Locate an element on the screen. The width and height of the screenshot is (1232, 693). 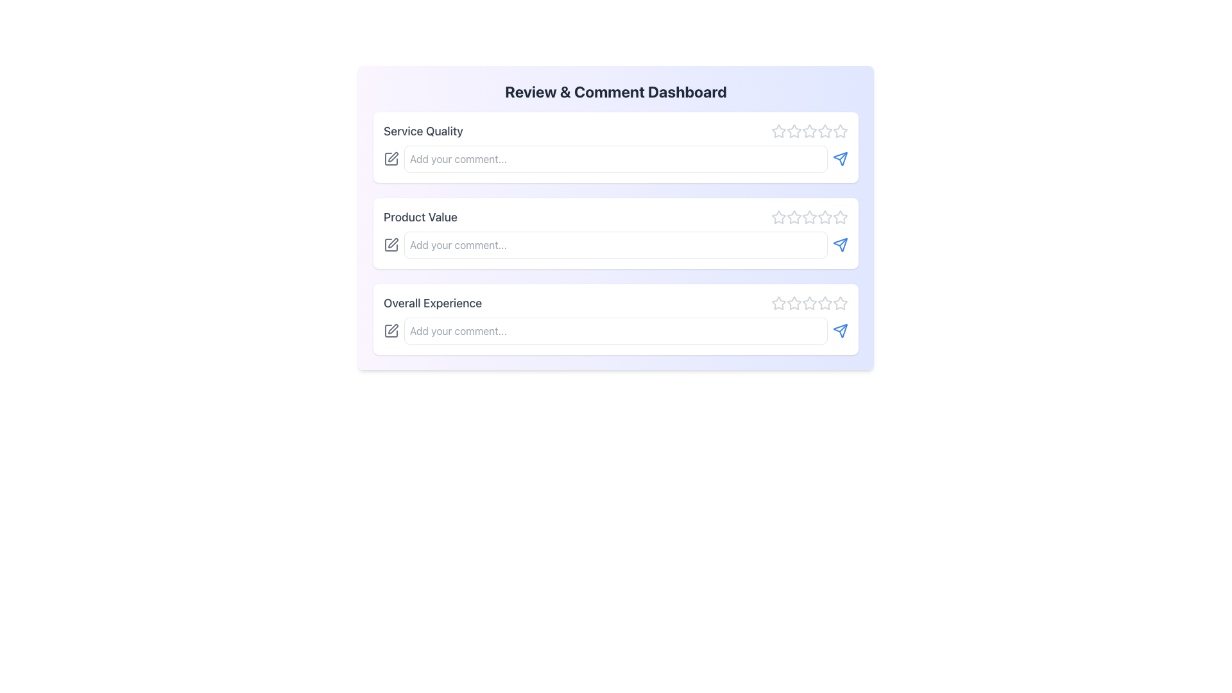
the blue triangular send icon located within the comment button to send the comment is located at coordinates (841, 244).